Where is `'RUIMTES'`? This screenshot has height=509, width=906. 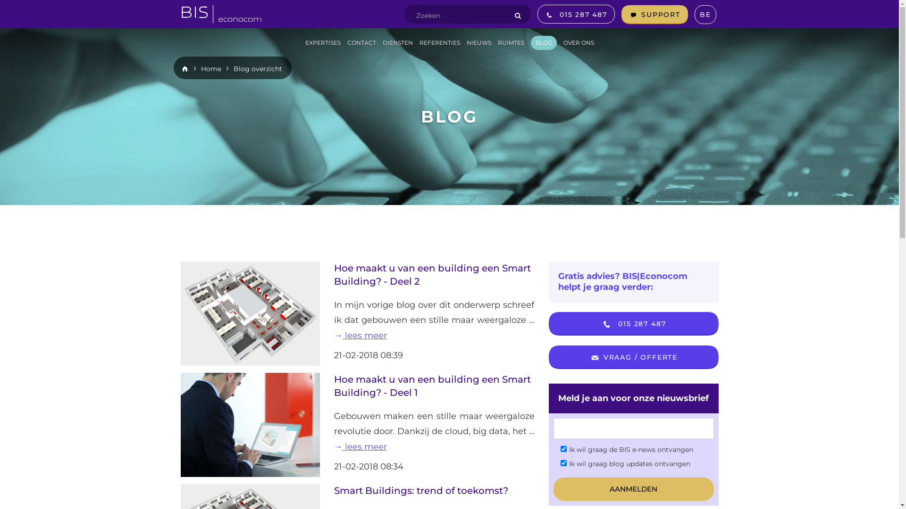 'RUIMTES' is located at coordinates (497, 43).